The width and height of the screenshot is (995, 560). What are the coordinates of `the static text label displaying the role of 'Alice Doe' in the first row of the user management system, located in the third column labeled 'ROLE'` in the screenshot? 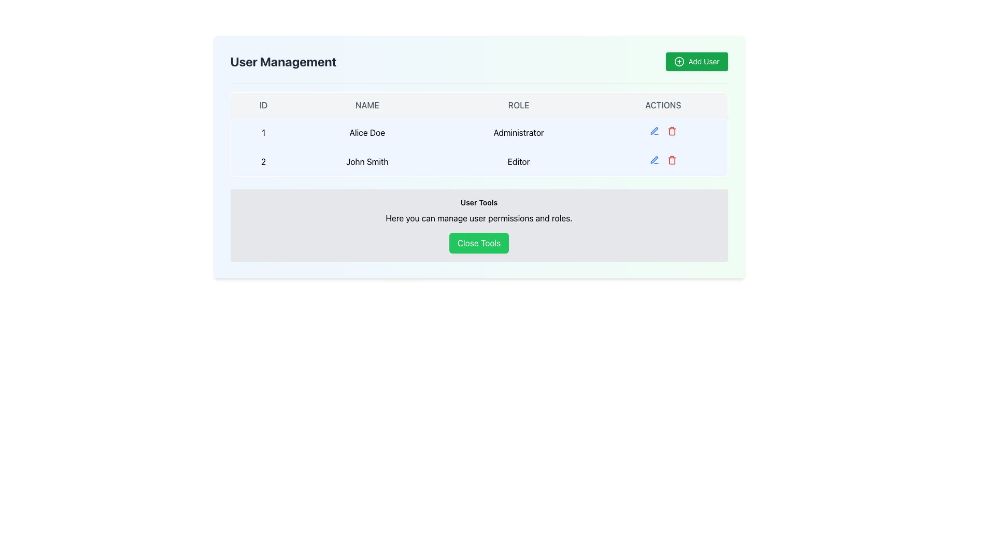 It's located at (519, 132).